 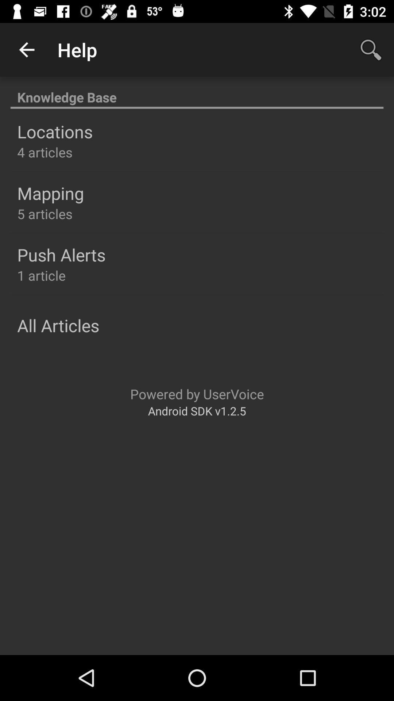 What do you see at coordinates (197, 411) in the screenshot?
I see `the android sdk v1 icon` at bounding box center [197, 411].